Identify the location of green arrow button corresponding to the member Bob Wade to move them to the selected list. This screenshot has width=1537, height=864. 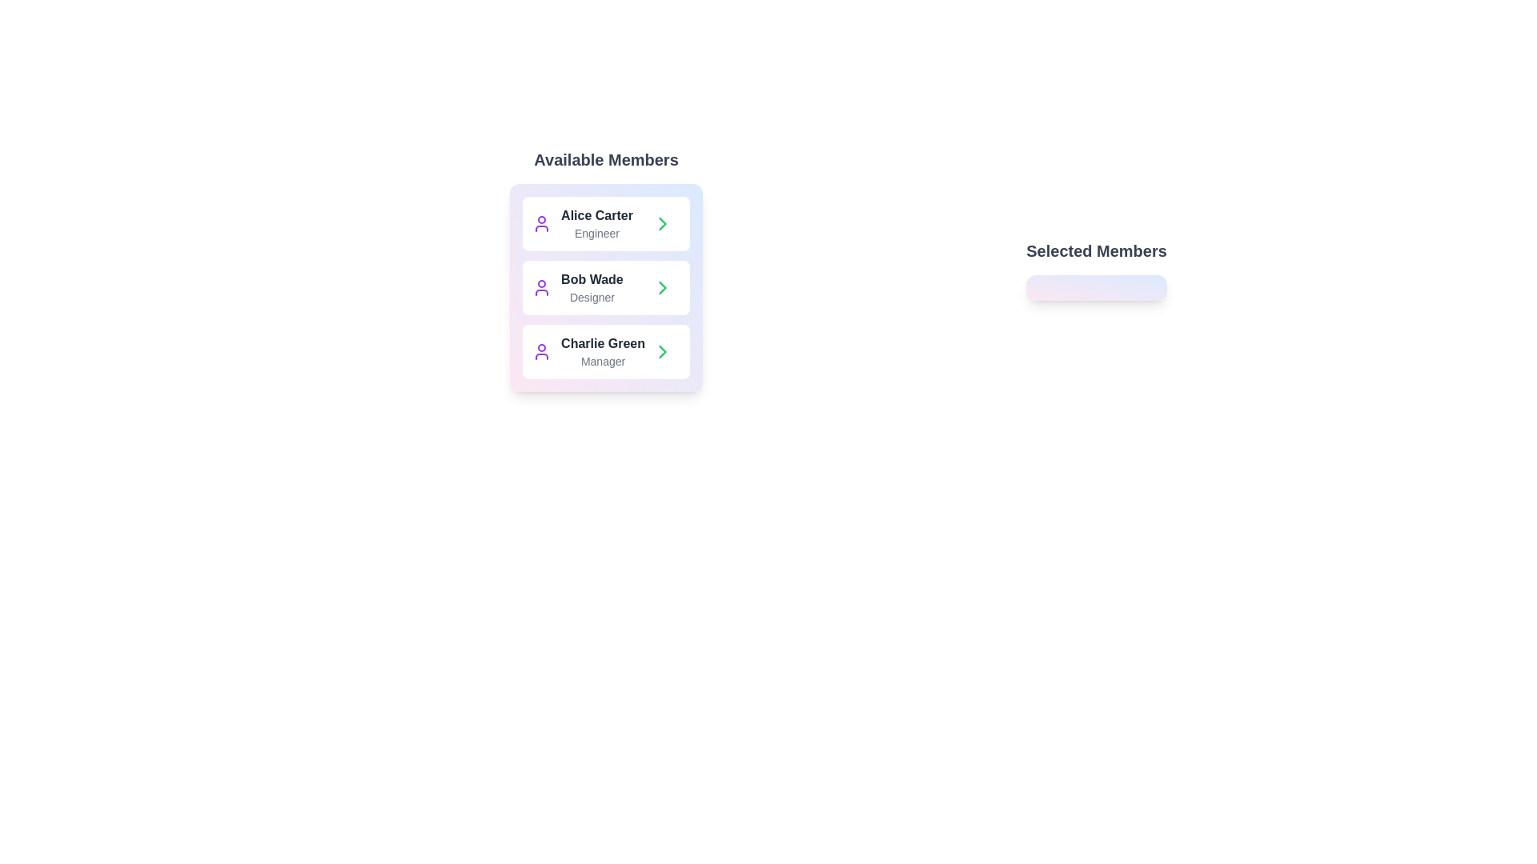
(663, 286).